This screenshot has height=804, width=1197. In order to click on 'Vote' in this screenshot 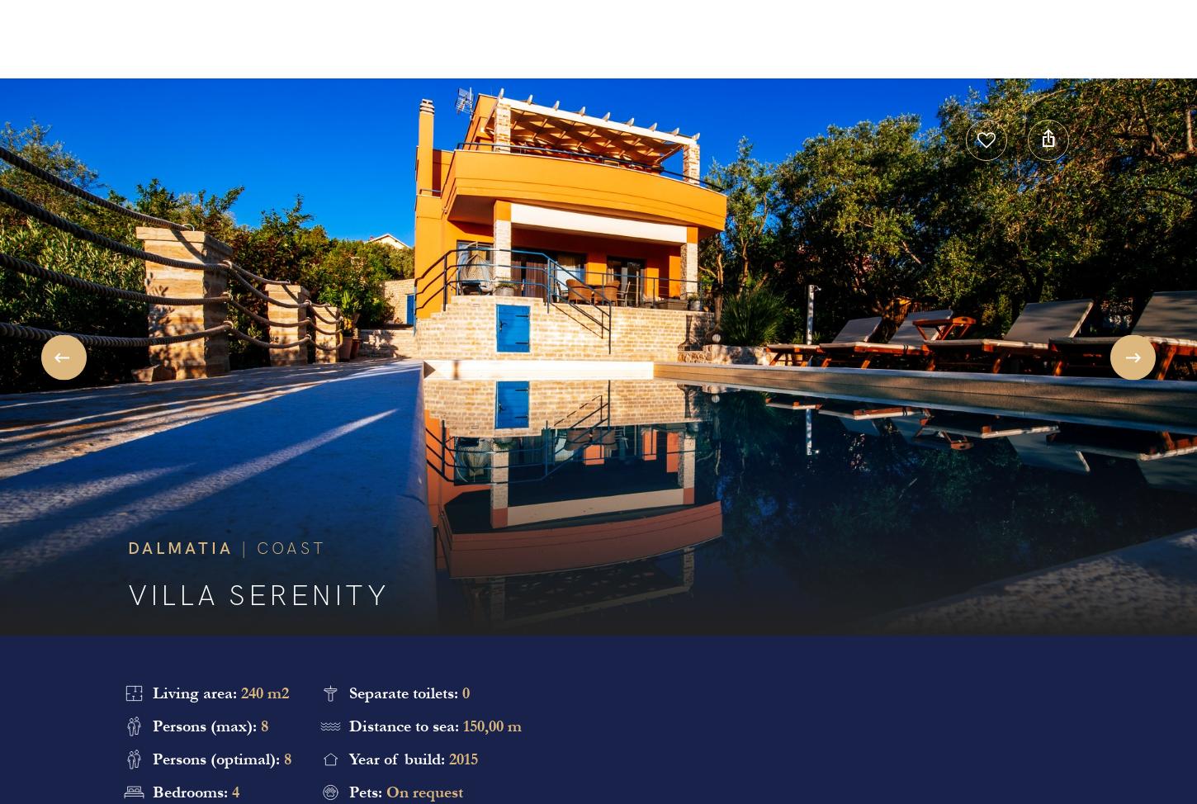, I will do `click(504, 765)`.